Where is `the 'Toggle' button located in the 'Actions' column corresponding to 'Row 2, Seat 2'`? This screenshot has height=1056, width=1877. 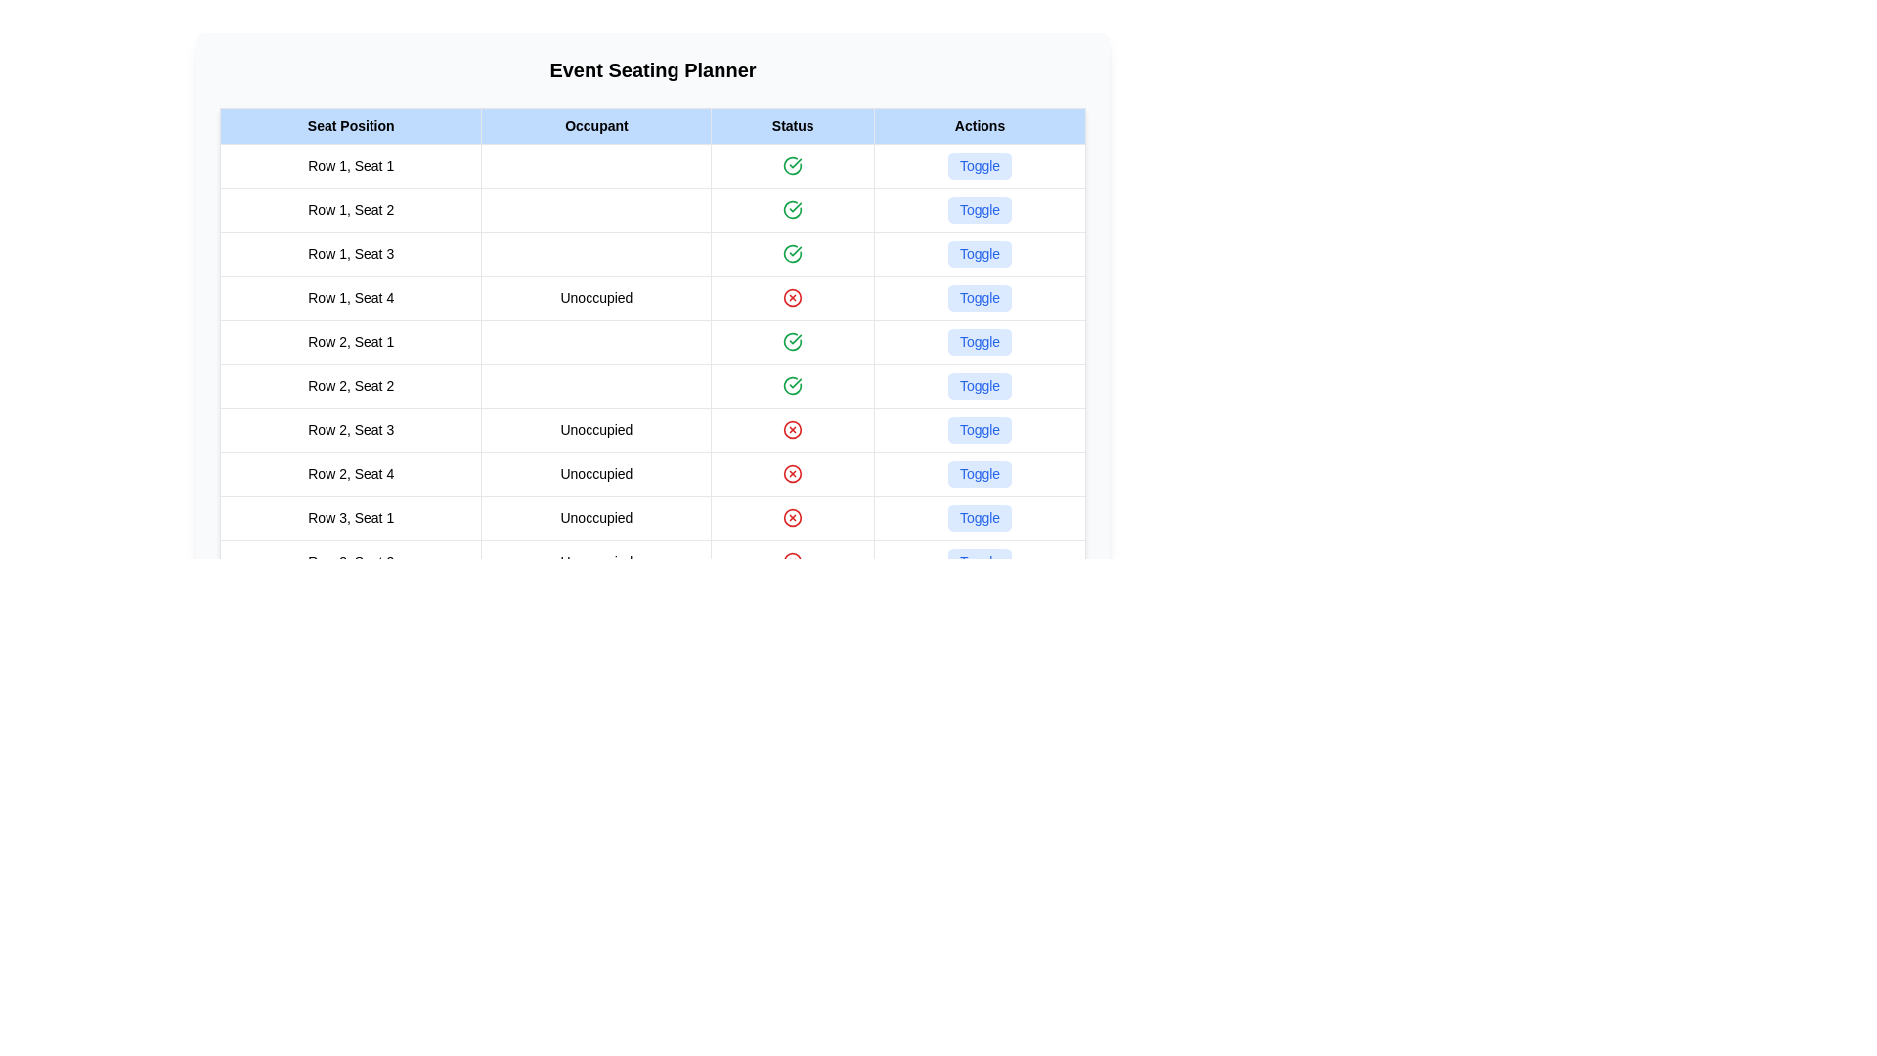
the 'Toggle' button located in the 'Actions' column corresponding to 'Row 2, Seat 2' is located at coordinates (980, 385).